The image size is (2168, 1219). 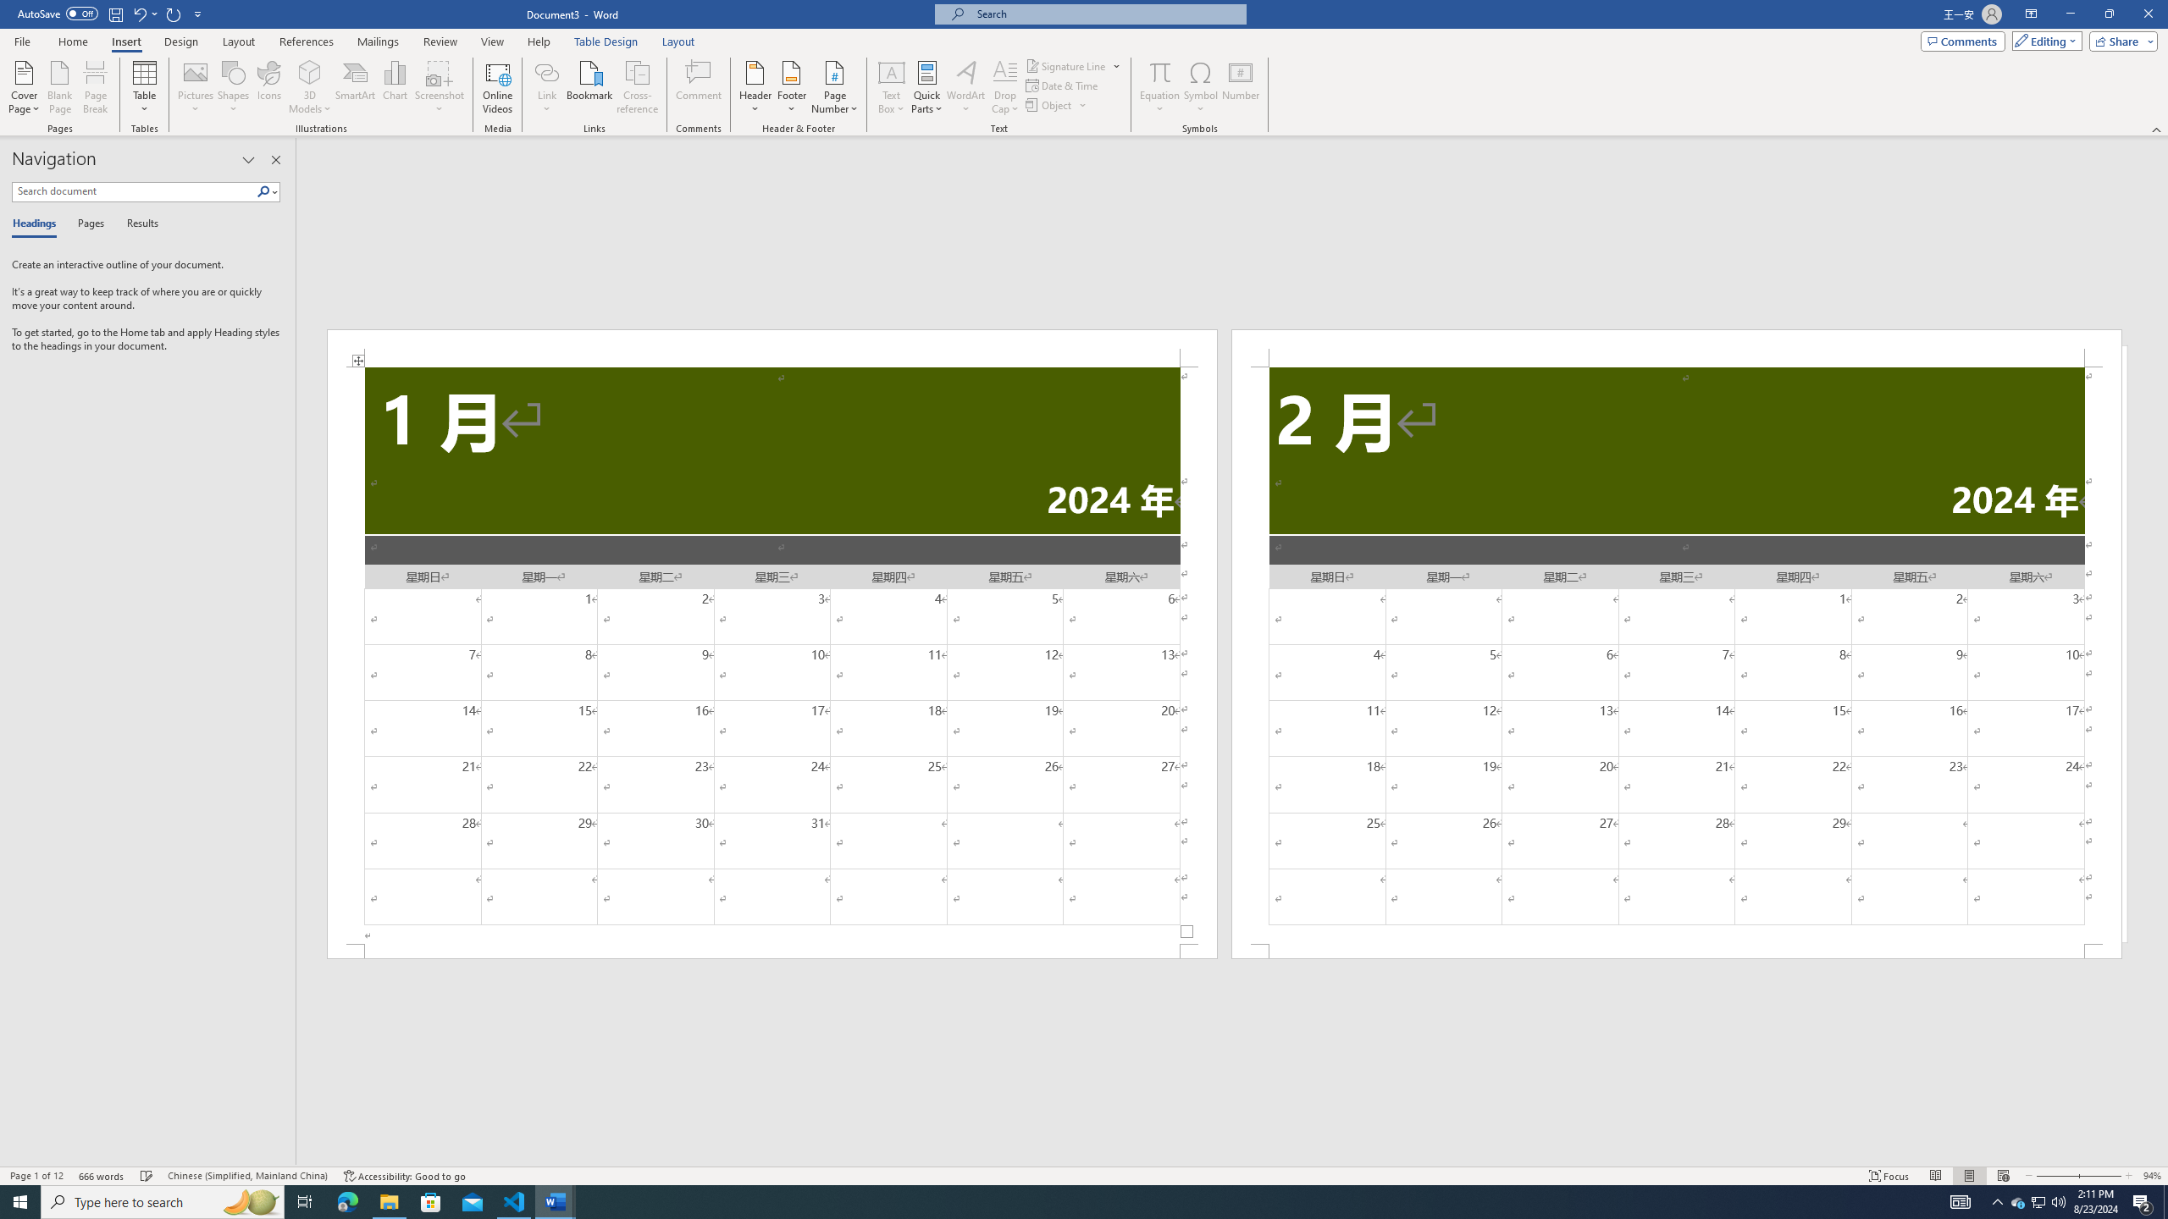 I want to click on 'Pictures', so click(x=196, y=87).